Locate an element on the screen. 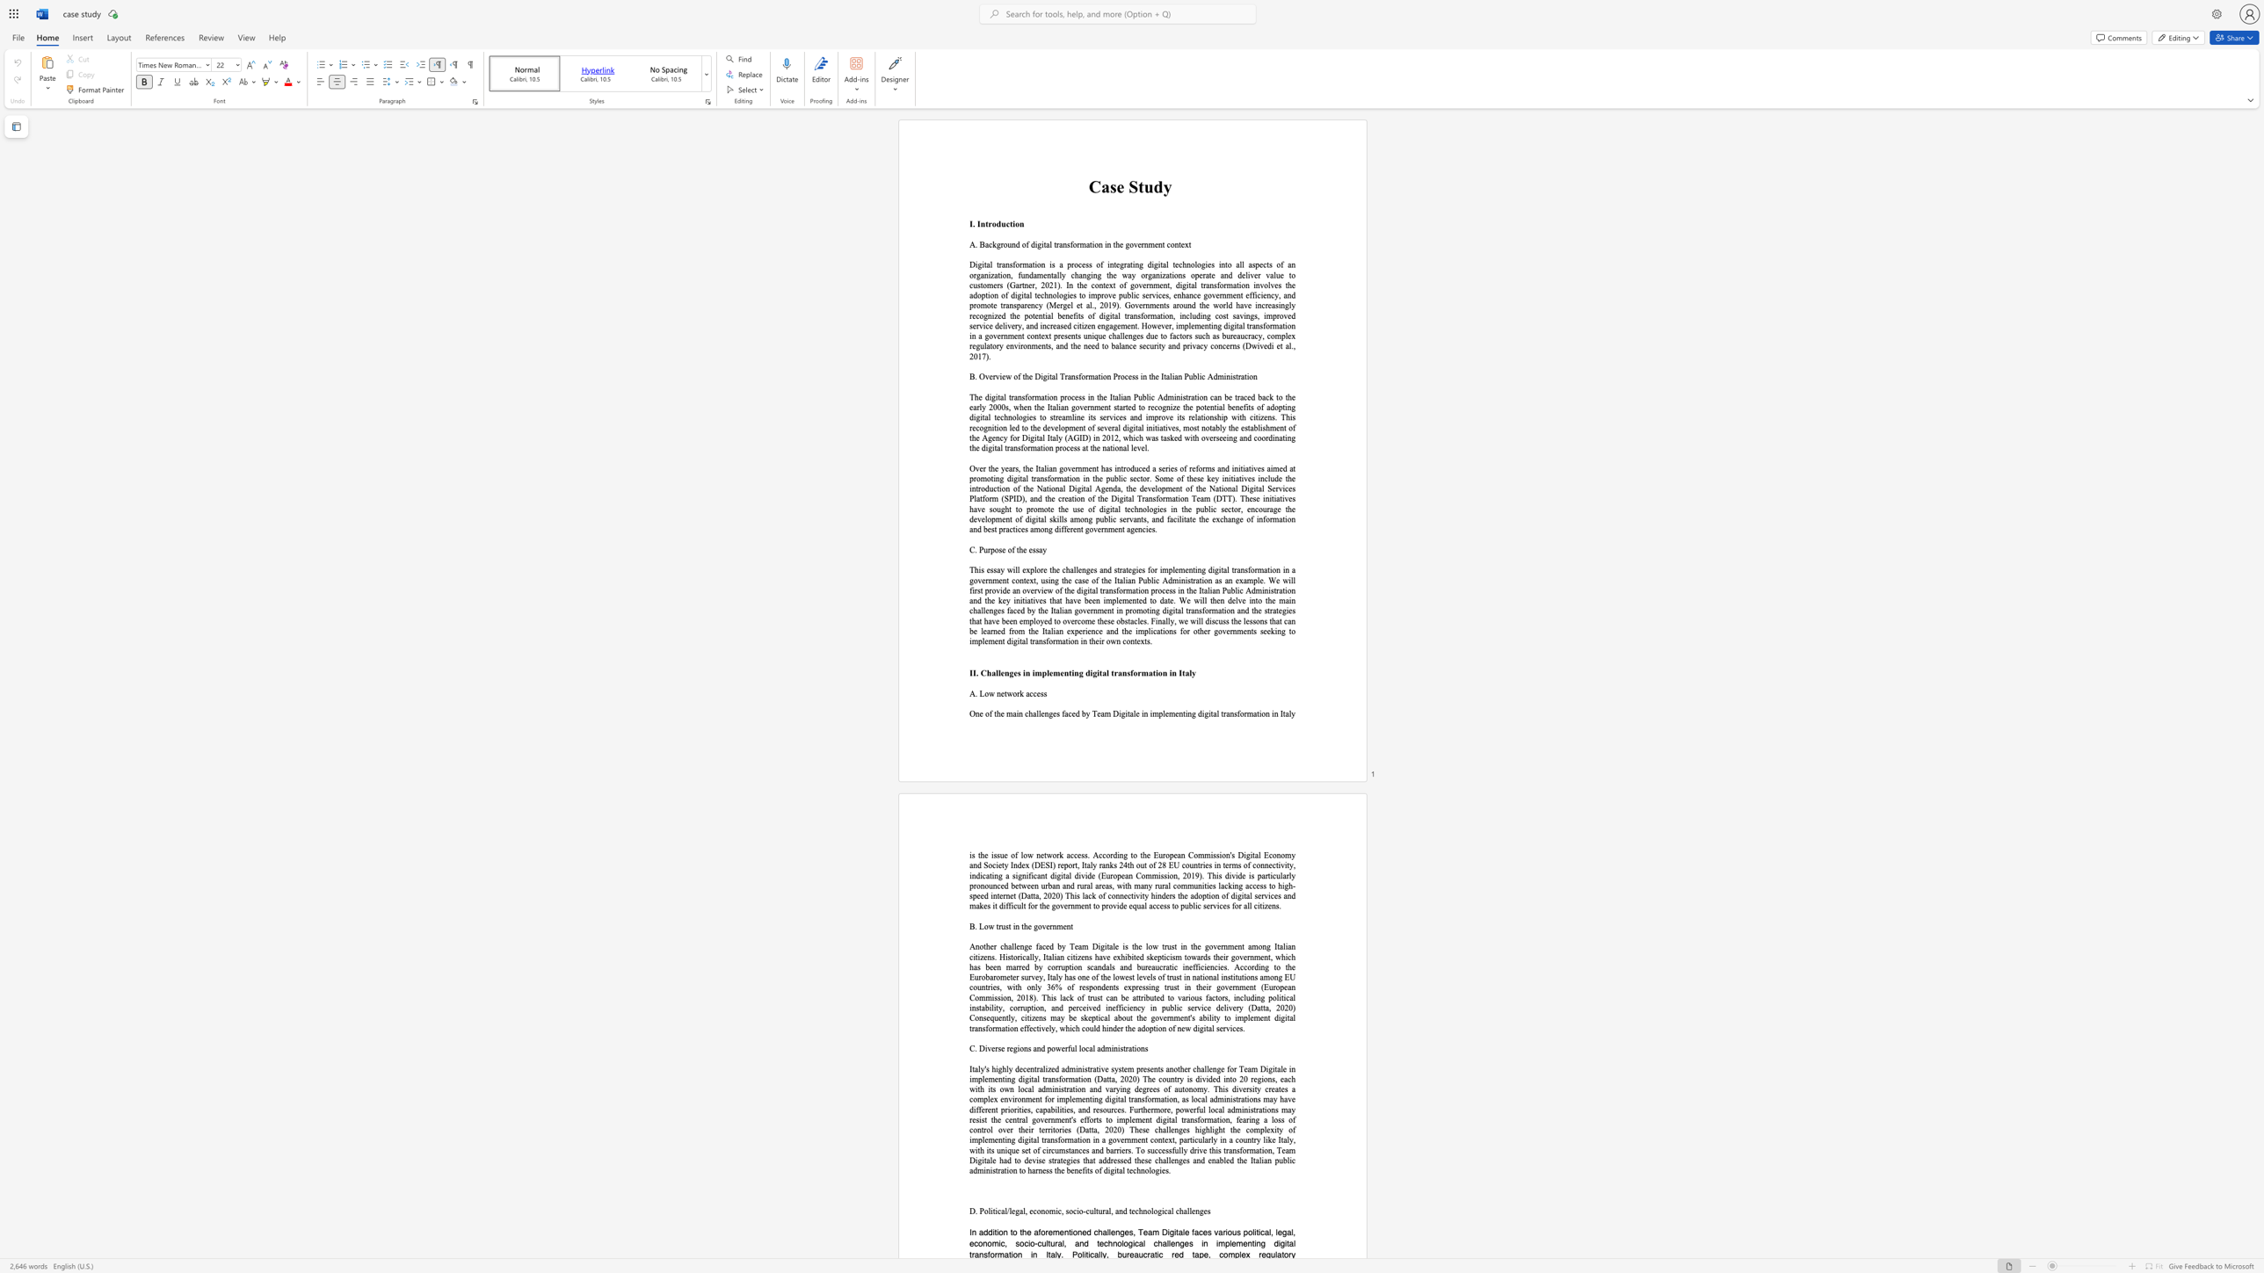 The height and width of the screenshot is (1273, 2264). the subset text "ormation process in the Italian Public Administration and the key initiatives that have been implemented to date. We will then delve into the main challenges faced by the Italian government in promoting digital trans" within the text "This essay will explore the challenges and strategies for implementing digital transformation in a government context, using the case of the Italian Public Administration as an example. We will first provide an overview of the digital transformation process in the Italian Public Administration and the key initiatives that have been implemented to date. We will then delve into the main challenges faced by the Italian government in promoting digital transformation and the strategies that have been employed to" is located at coordinates (1118, 590).